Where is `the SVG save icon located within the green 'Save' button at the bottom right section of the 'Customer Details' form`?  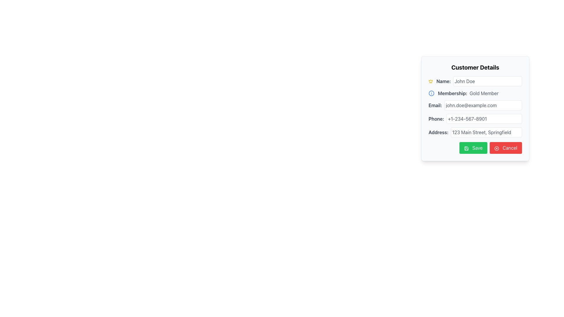
the SVG save icon located within the green 'Save' button at the bottom right section of the 'Customer Details' form is located at coordinates (466, 148).